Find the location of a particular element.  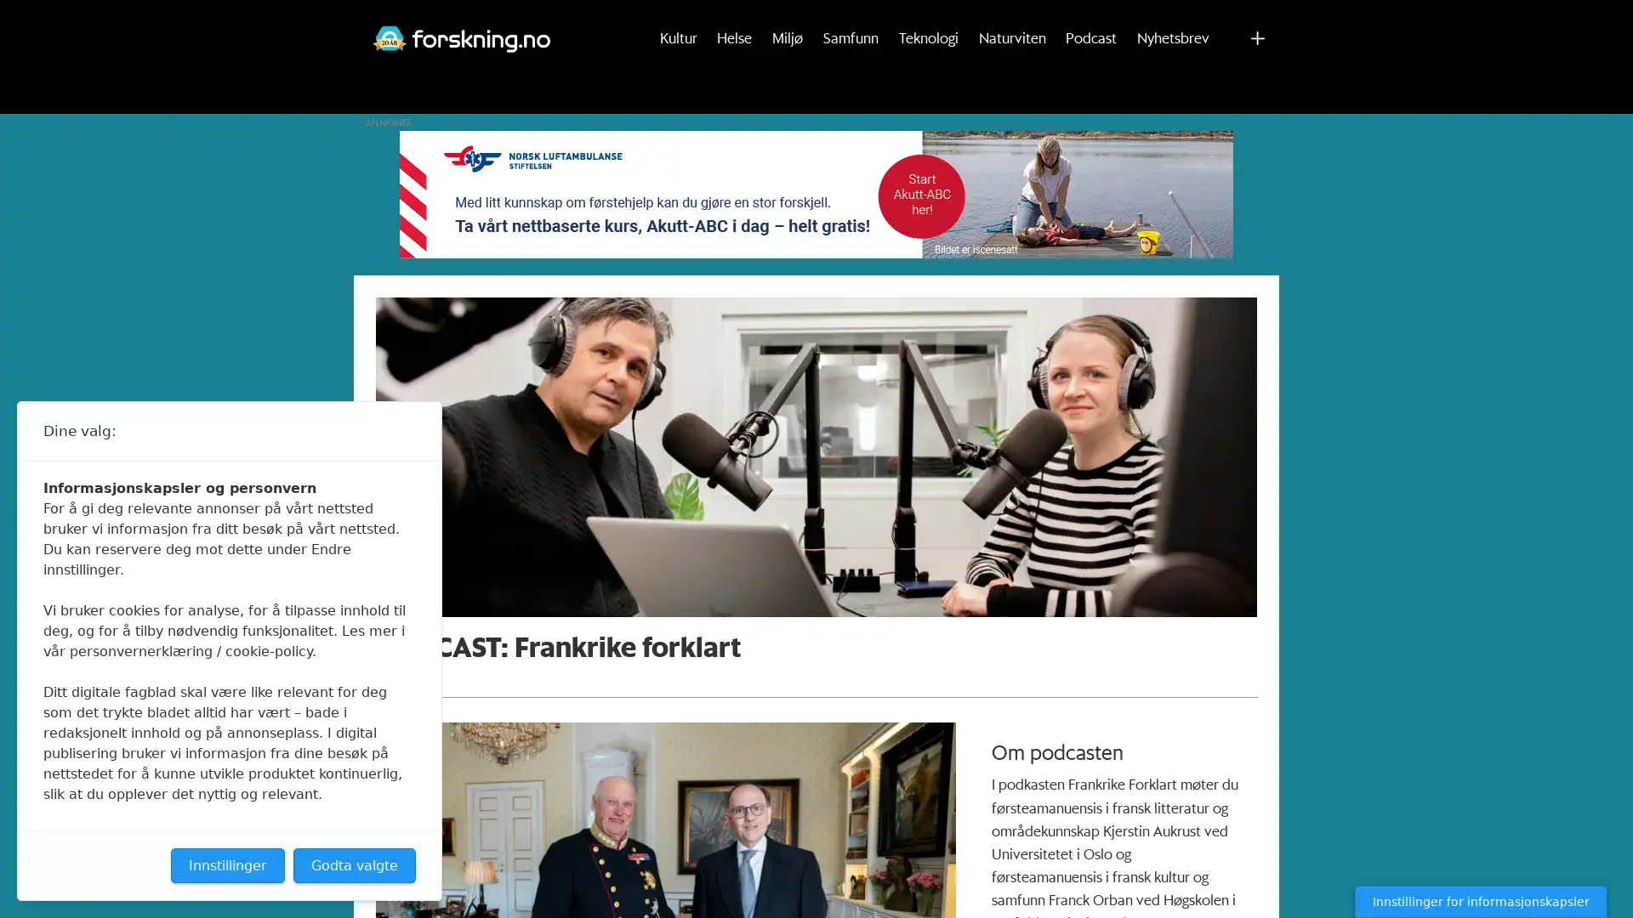

logo for stilling.forskning.no is located at coordinates (1263, 19).